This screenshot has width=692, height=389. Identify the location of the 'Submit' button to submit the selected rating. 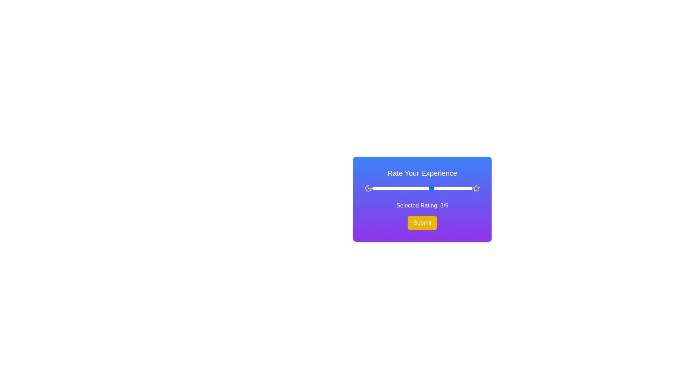
(422, 222).